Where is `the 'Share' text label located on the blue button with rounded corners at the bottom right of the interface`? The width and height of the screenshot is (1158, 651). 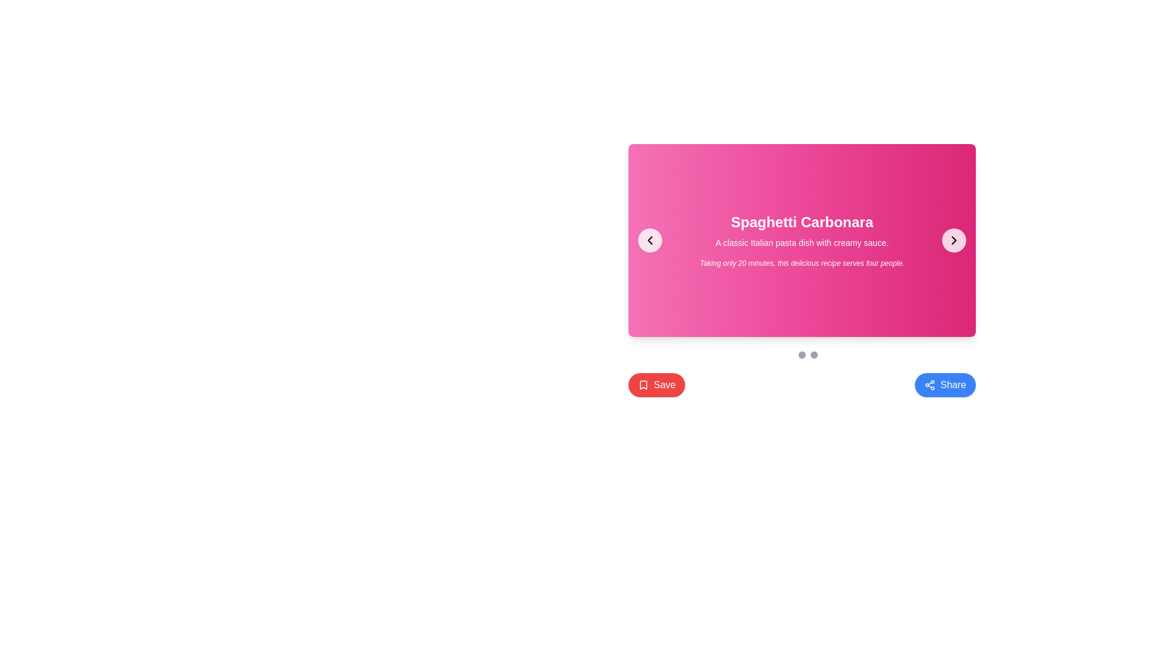
the 'Share' text label located on the blue button with rounded corners at the bottom right of the interface is located at coordinates (952, 385).